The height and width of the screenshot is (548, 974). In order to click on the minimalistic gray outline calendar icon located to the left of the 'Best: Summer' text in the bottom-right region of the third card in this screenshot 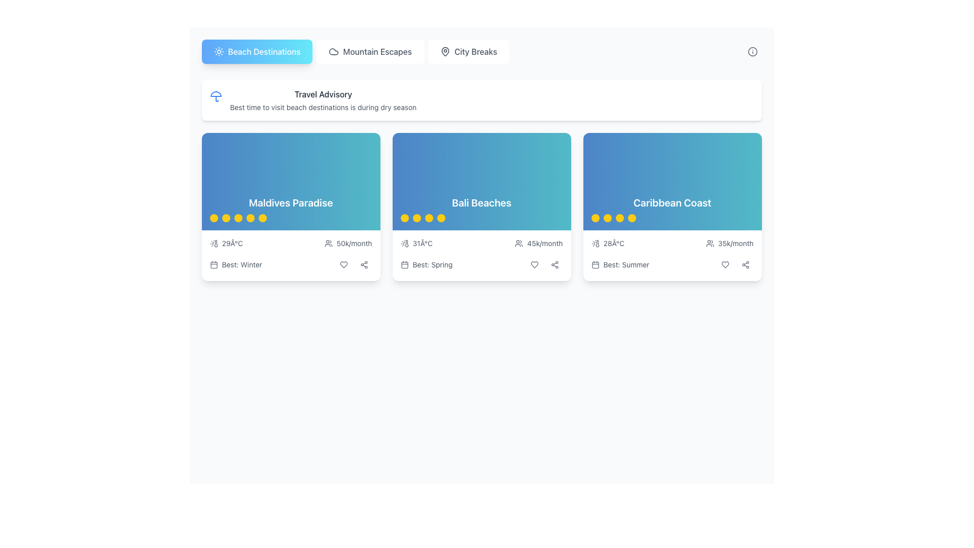, I will do `click(595, 264)`.